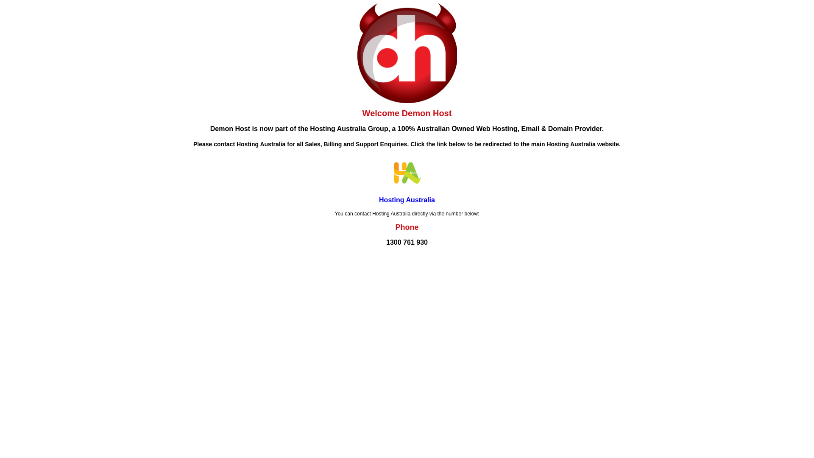  I want to click on 'Hosting Australia', so click(407, 200).